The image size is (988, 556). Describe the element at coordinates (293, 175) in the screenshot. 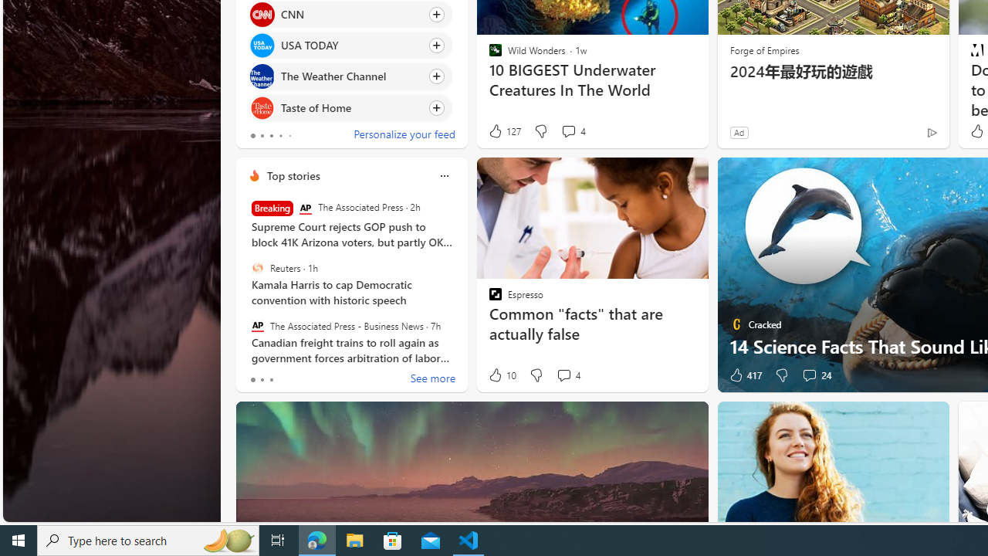

I see `'Top stories'` at that location.